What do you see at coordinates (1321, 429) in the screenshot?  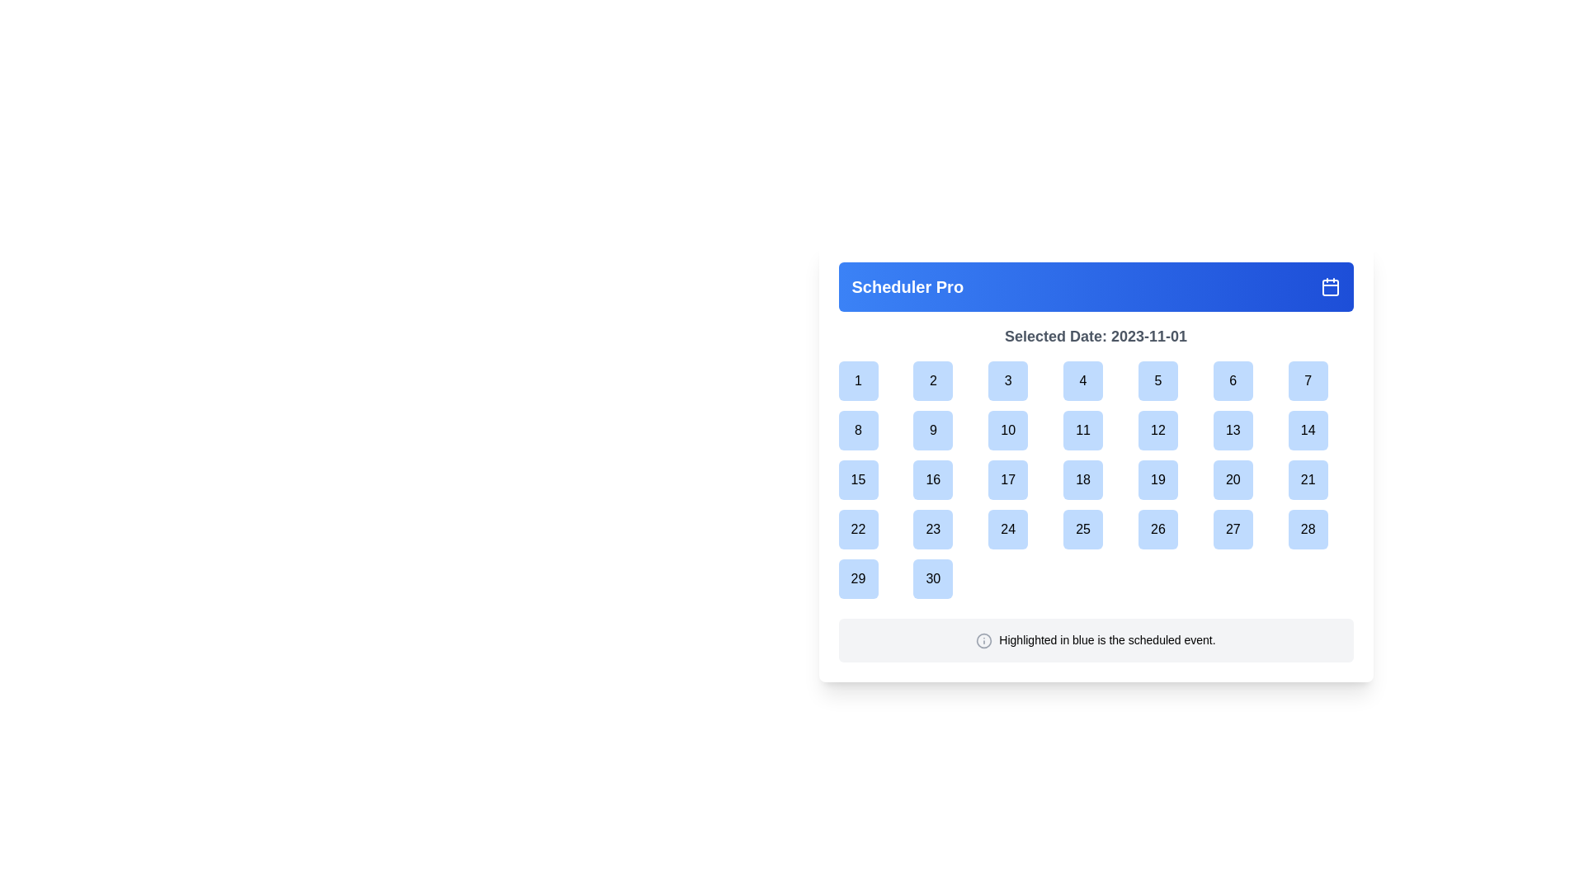 I see `the button representing the 14th day in the calendar view` at bounding box center [1321, 429].